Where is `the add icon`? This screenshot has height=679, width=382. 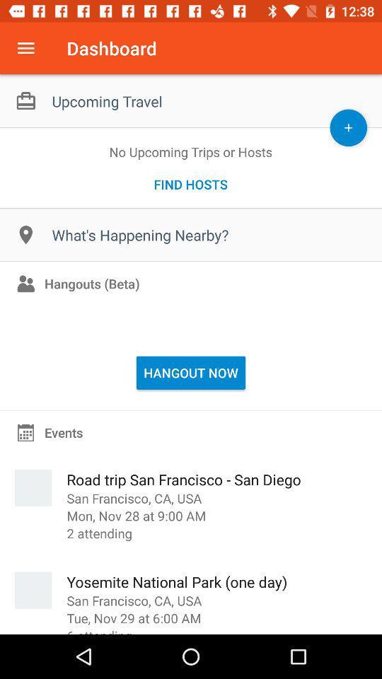
the add icon is located at coordinates (347, 127).